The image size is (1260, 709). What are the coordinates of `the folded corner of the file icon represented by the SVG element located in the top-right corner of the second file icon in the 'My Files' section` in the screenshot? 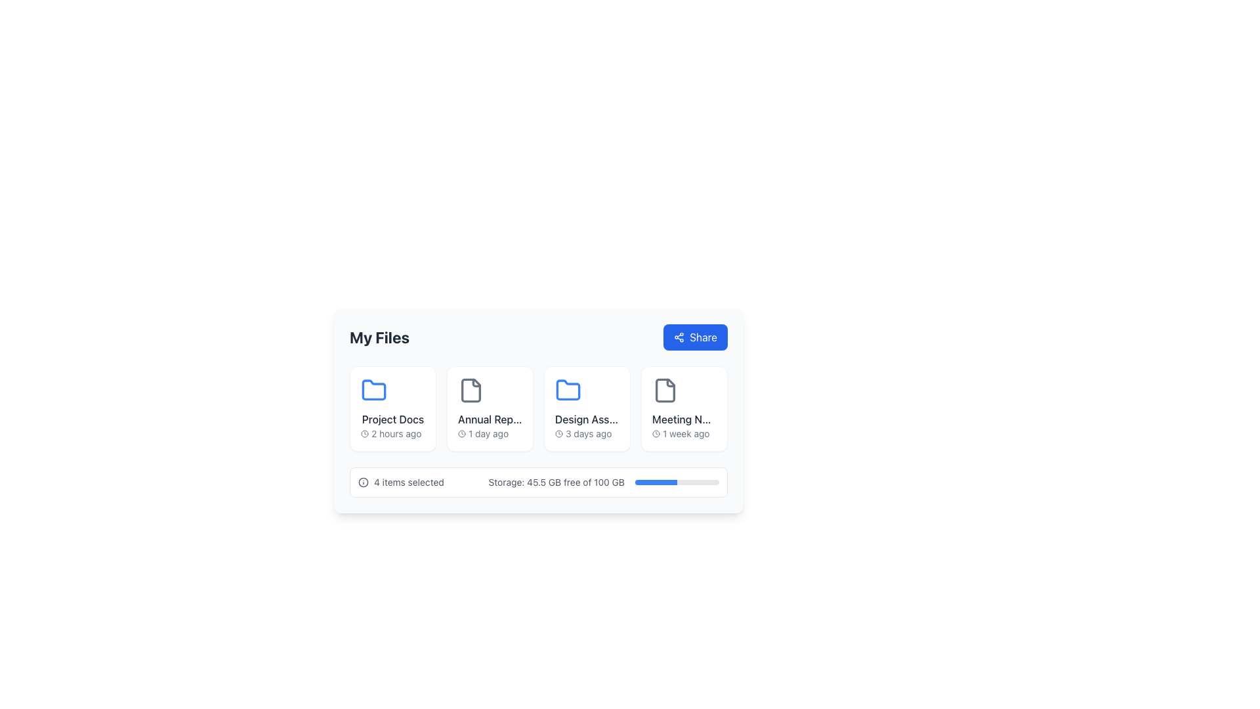 It's located at (476, 383).